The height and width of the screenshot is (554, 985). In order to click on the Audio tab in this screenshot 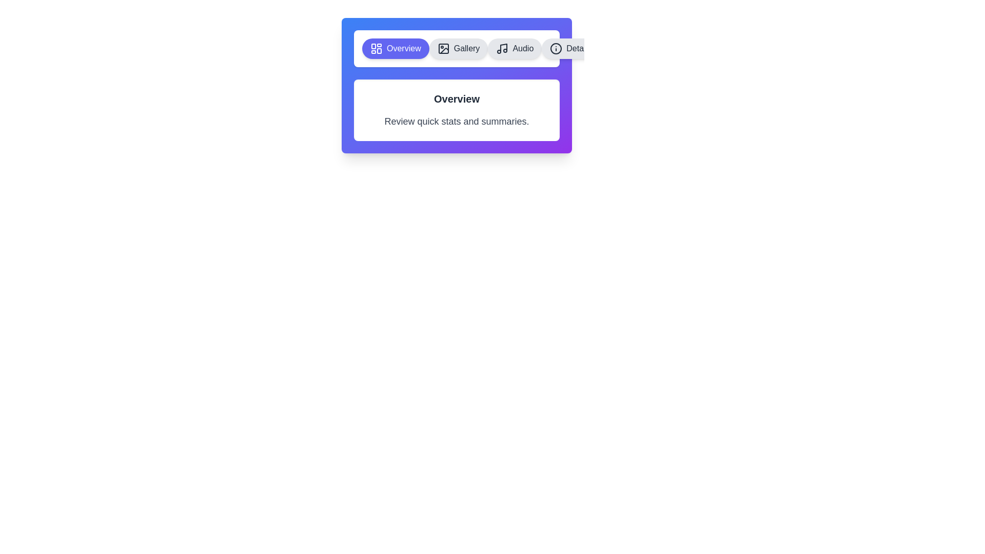, I will do `click(515, 49)`.